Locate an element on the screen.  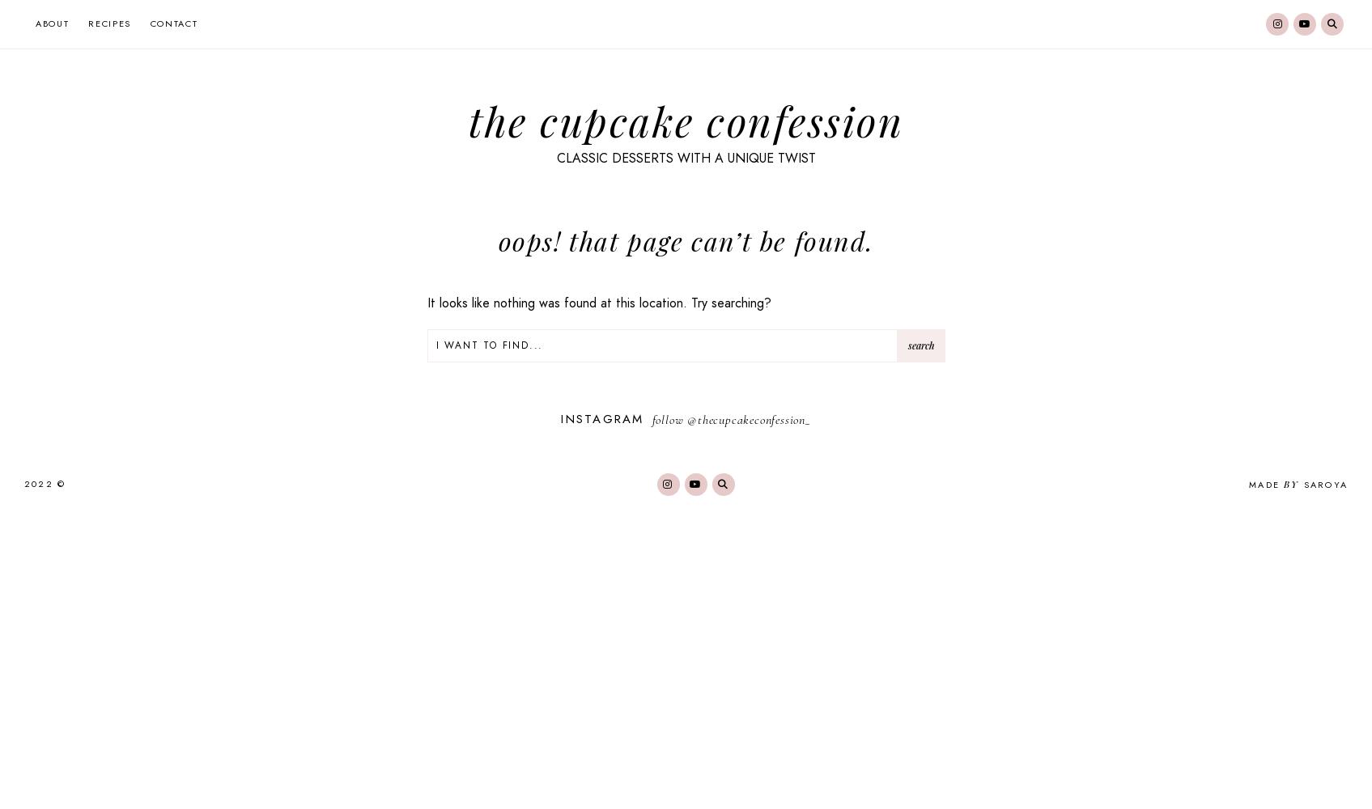
'by' is located at coordinates (1291, 482).